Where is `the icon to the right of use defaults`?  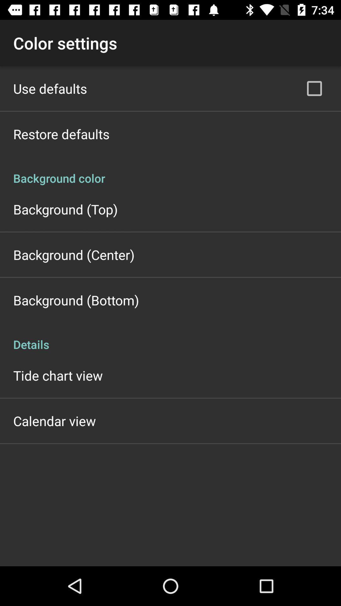 the icon to the right of use defaults is located at coordinates (314, 88).